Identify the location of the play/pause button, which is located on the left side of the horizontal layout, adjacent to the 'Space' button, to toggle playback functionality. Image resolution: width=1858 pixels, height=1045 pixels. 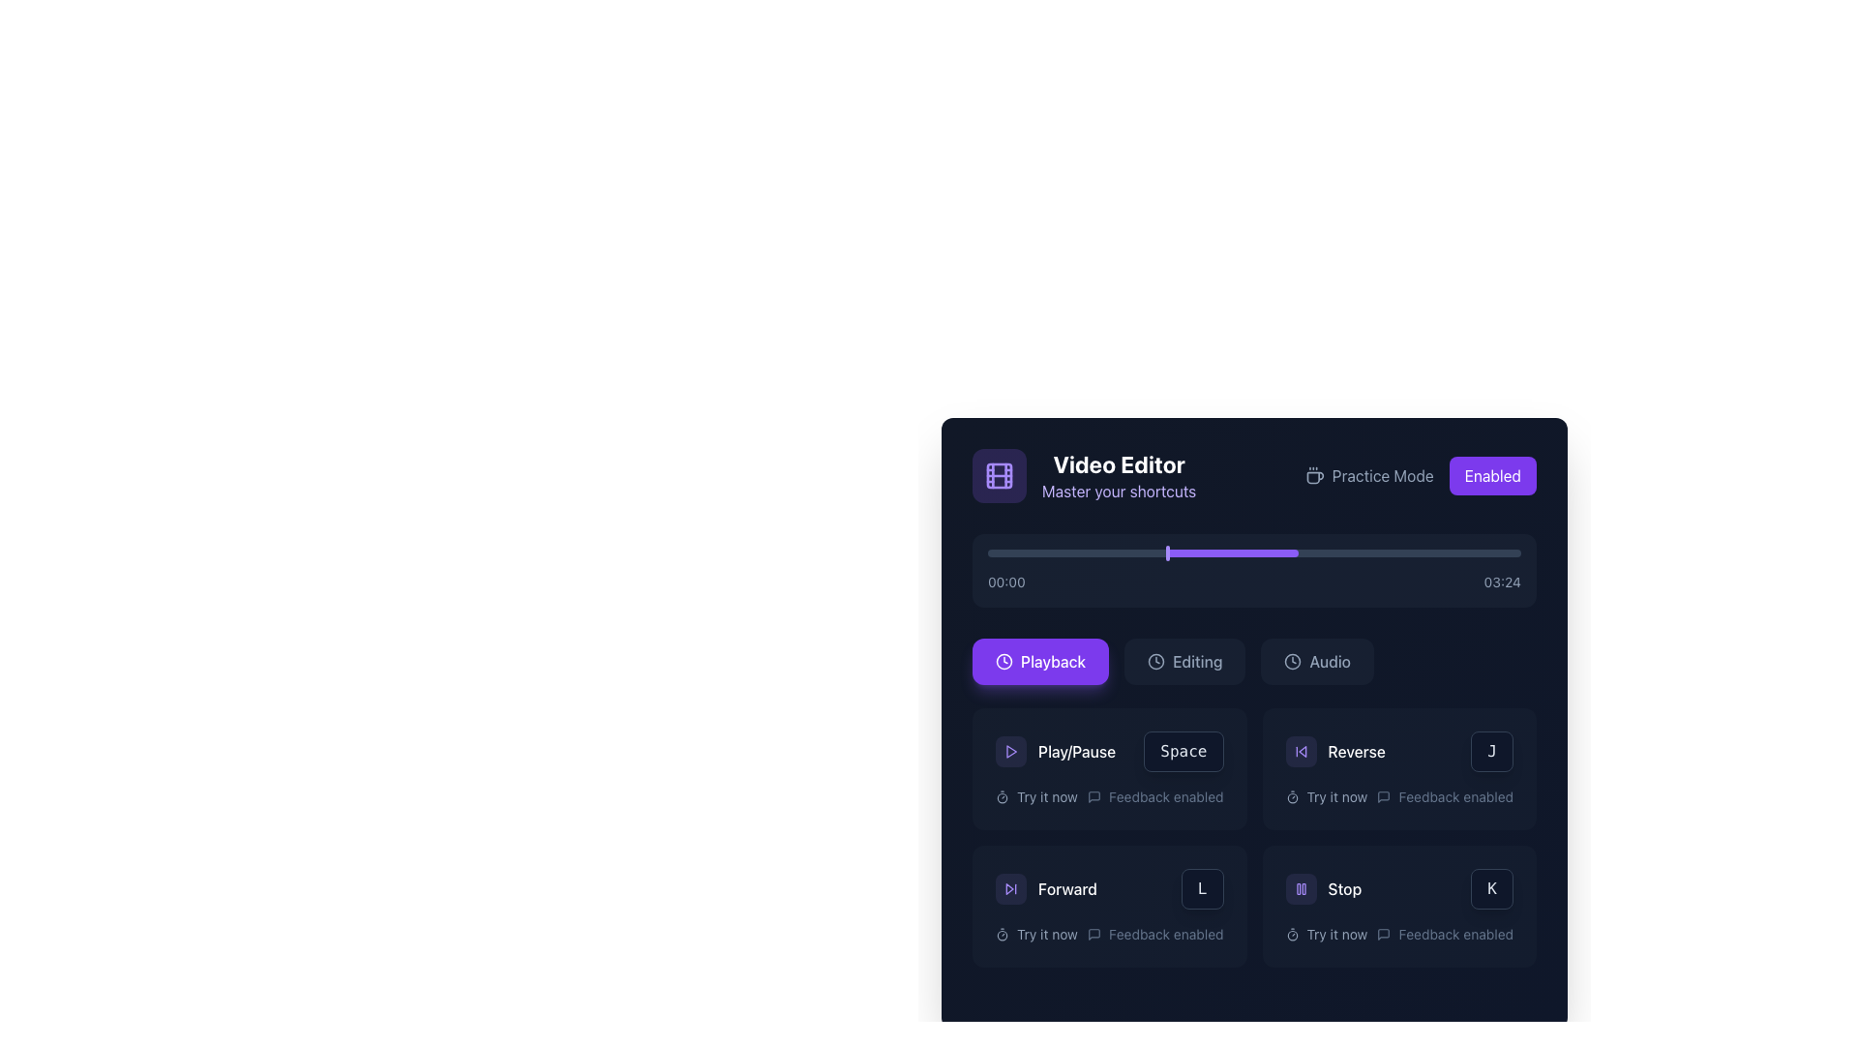
(1055, 750).